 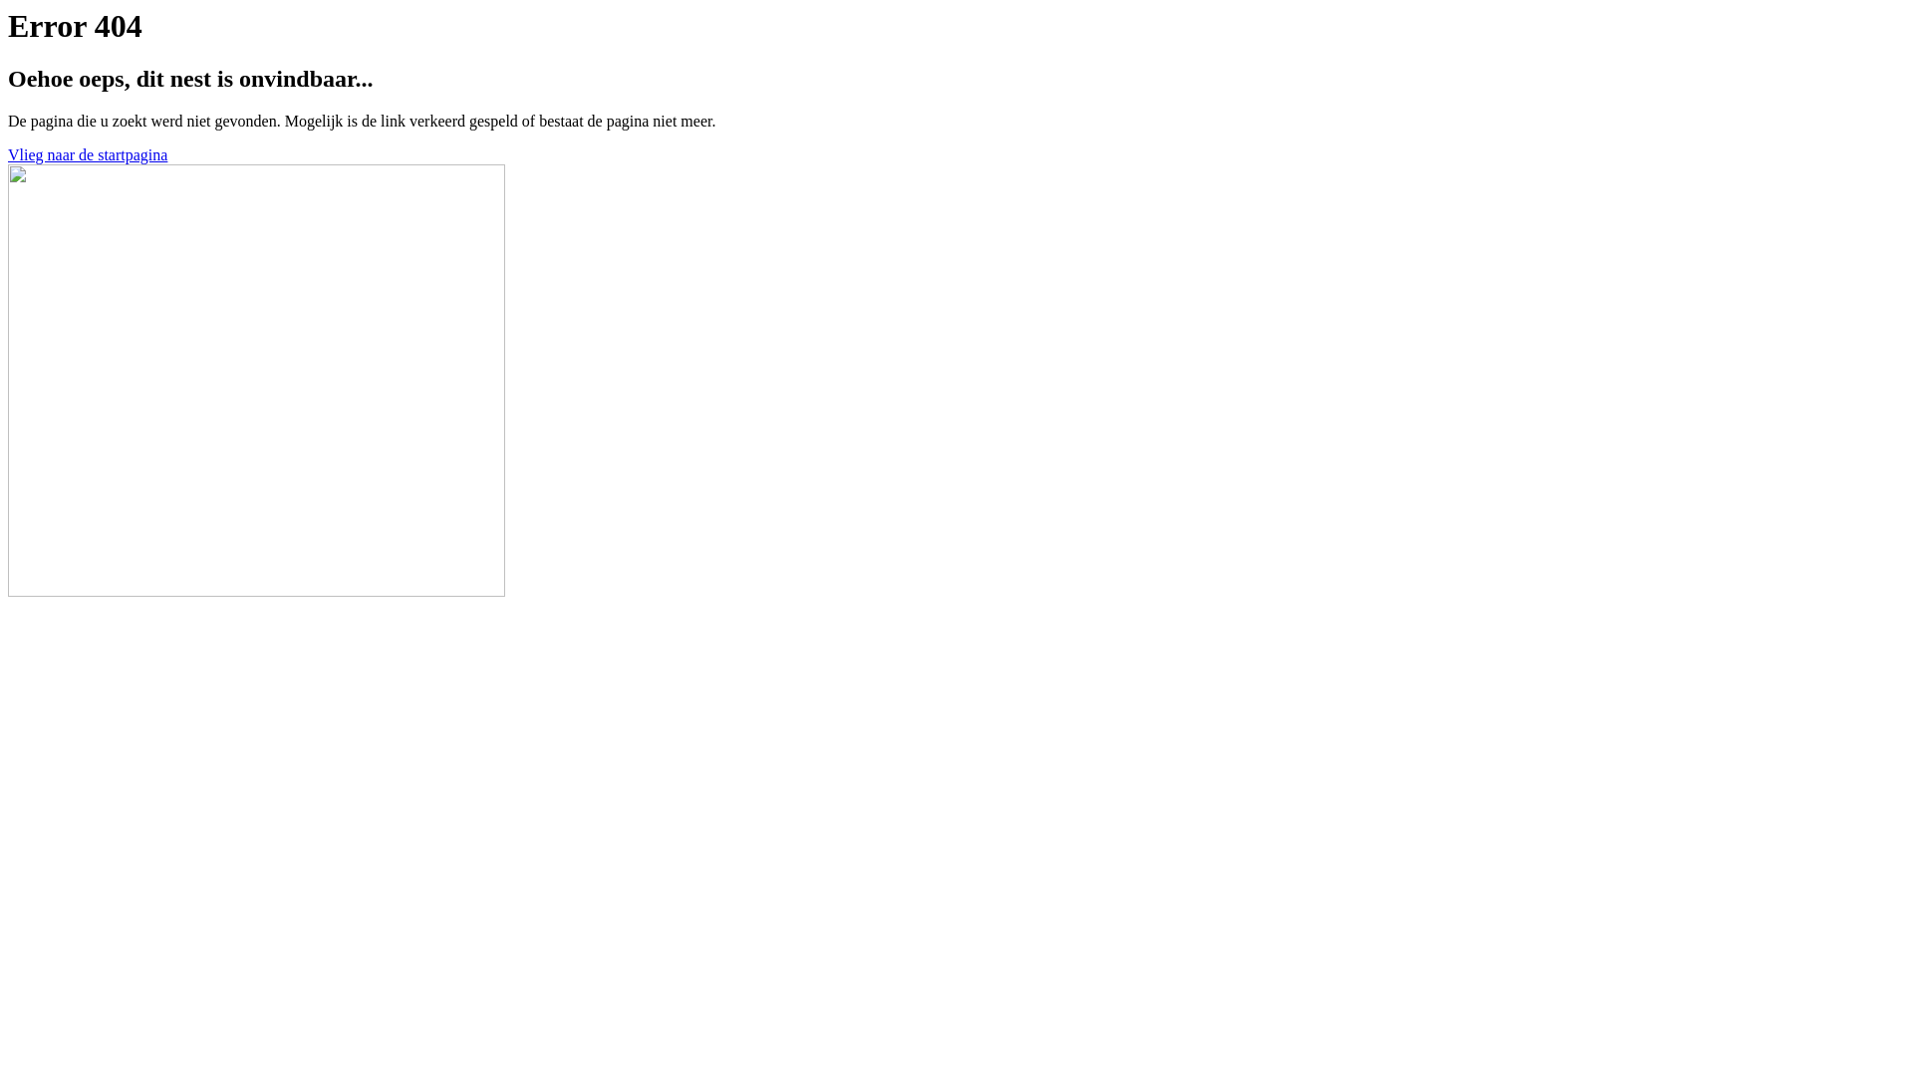 What do you see at coordinates (8, 153) in the screenshot?
I see `'Vlieg naar de startpagina'` at bounding box center [8, 153].